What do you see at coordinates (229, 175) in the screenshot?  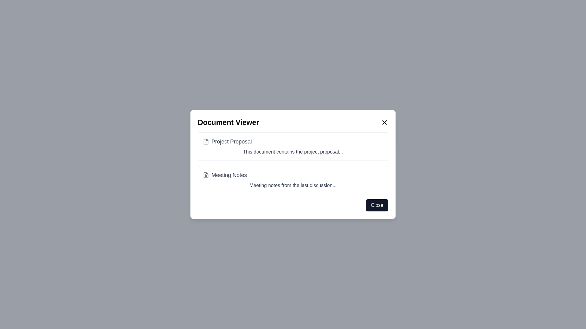 I see `the text label reading 'Meeting Notes', which is styled prominently and located below 'Project Proposal' in the 'Document Viewer' dialog` at bounding box center [229, 175].